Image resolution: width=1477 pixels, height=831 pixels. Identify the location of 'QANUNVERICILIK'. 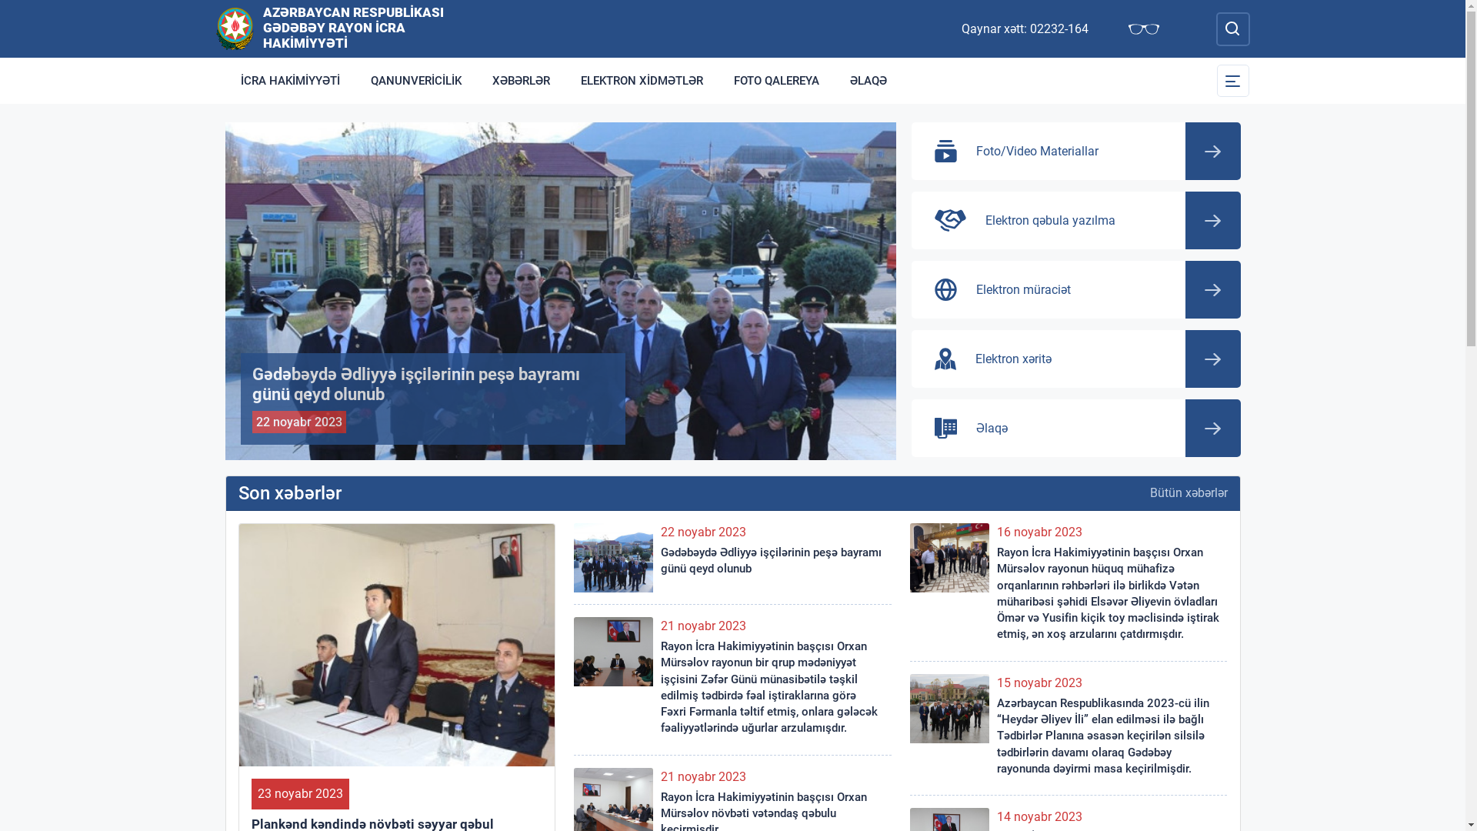
(416, 80).